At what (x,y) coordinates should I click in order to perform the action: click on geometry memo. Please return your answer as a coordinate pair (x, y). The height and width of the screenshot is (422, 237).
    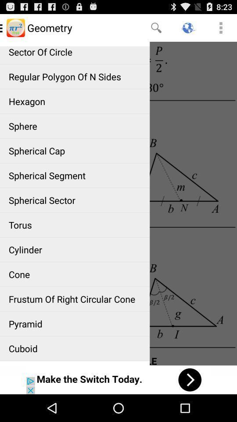
    Looking at the image, I should click on (118, 203).